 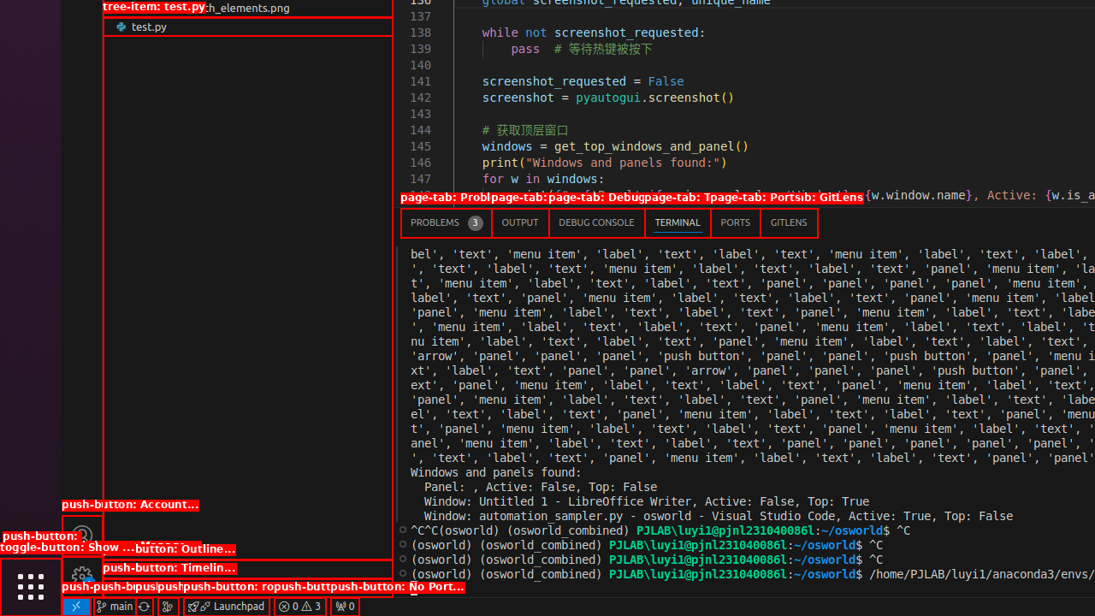 What do you see at coordinates (74, 605) in the screenshot?
I see `'remote'` at bounding box center [74, 605].